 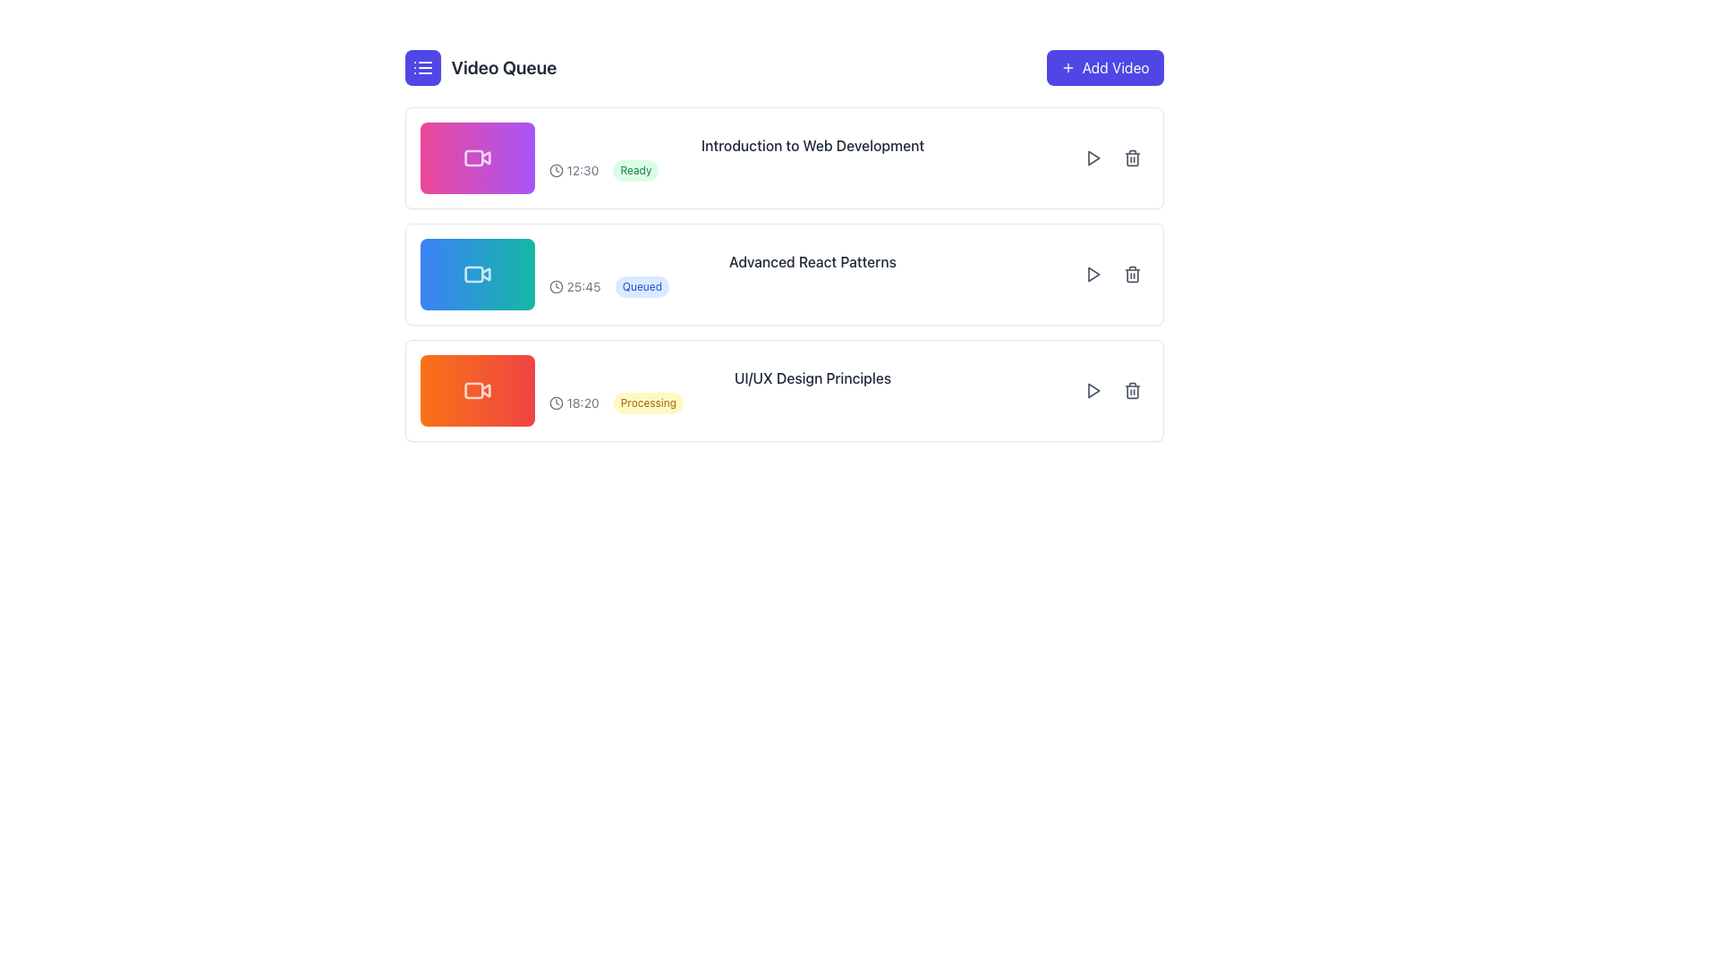 I want to click on the inner rectangle of the 'video' icon for the first item titled 'Introduction to Web Development' in the content row of the list layout, so click(x=473, y=157).